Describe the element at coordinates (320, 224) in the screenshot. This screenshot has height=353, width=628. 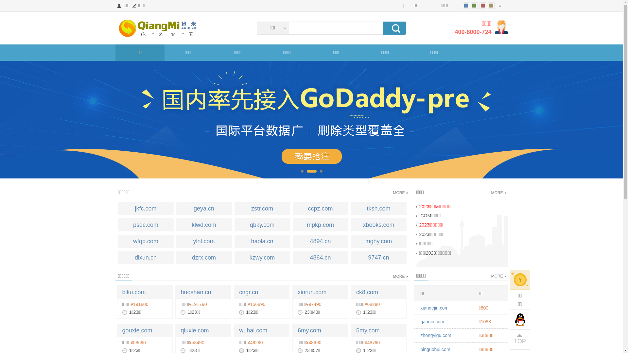
I see `'mpkp.com'` at that location.